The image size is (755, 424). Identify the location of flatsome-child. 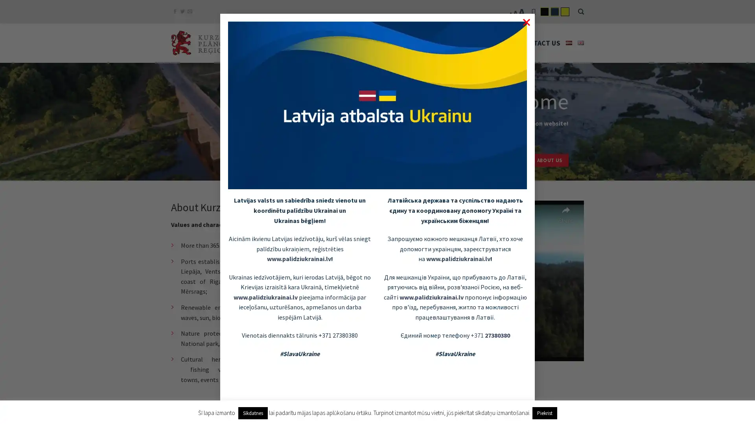
(554, 11).